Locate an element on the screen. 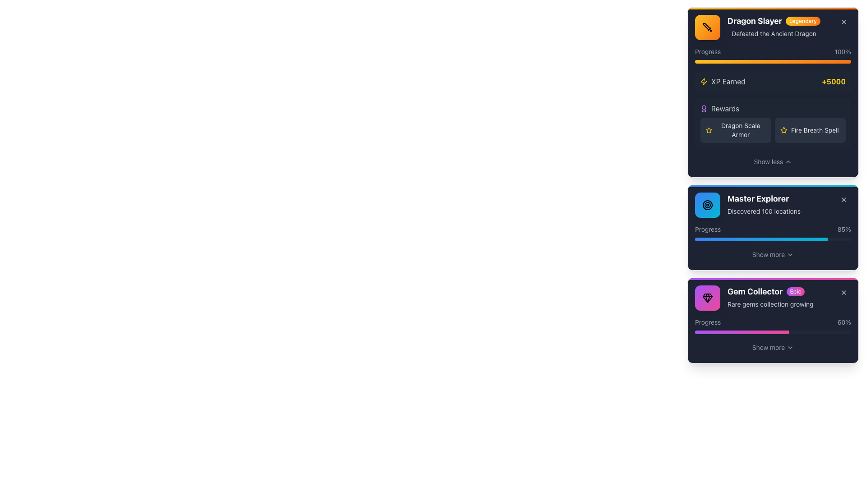  the progress value is located at coordinates (702, 332).